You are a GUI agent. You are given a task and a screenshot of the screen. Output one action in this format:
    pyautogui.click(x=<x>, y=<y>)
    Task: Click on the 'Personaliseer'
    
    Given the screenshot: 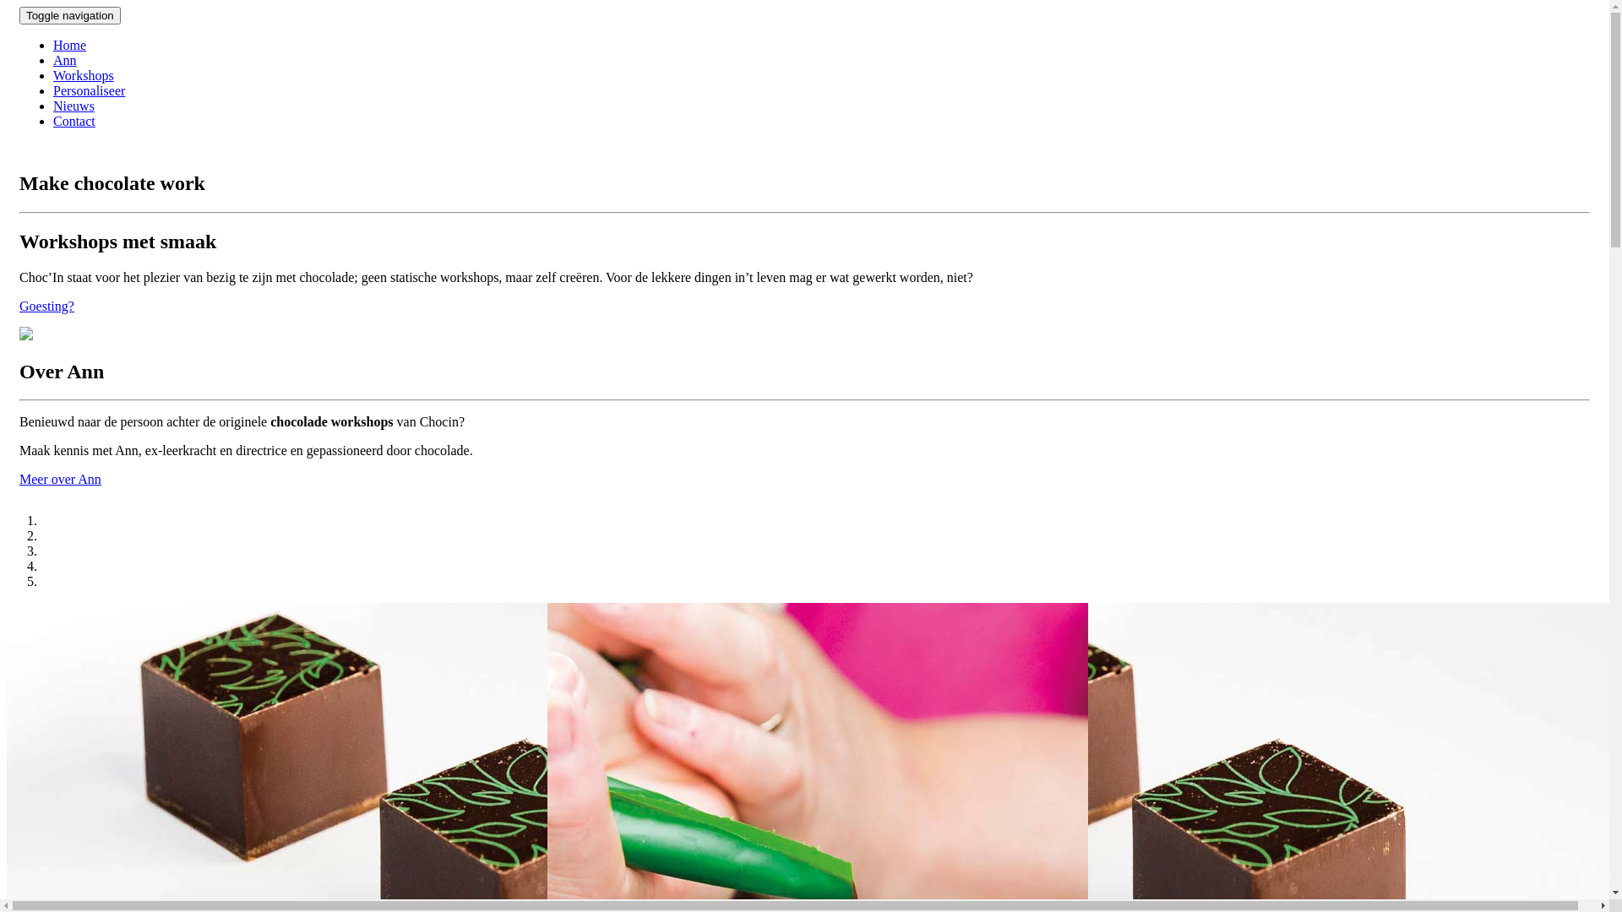 What is the action you would take?
    pyautogui.click(x=88, y=90)
    